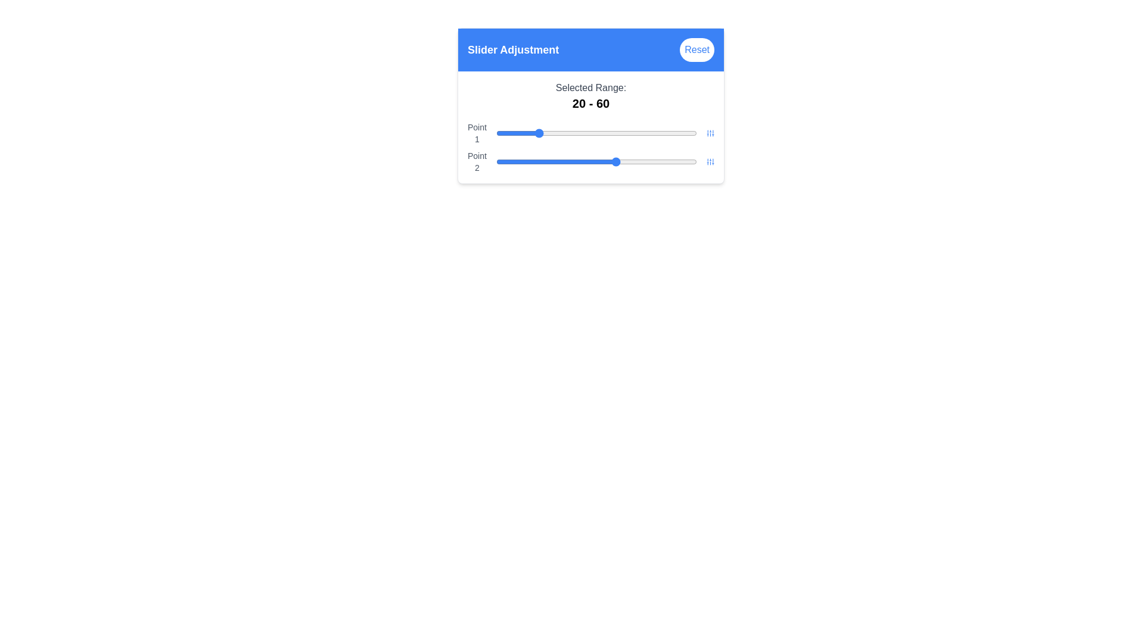  I want to click on the icon to the far right of the slider control associated with the 'Point 2' text label, so click(710, 162).